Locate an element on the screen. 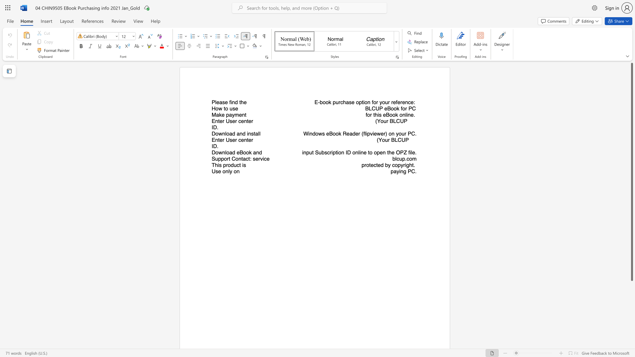  the subset text "(Y" within the text "(Your BLCUP ID." is located at coordinates (377, 139).